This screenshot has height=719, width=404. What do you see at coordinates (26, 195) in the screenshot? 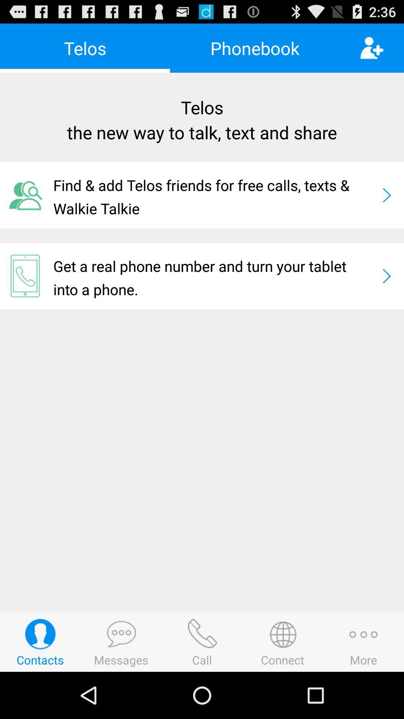
I see `app to the left of the find add telos icon` at bounding box center [26, 195].